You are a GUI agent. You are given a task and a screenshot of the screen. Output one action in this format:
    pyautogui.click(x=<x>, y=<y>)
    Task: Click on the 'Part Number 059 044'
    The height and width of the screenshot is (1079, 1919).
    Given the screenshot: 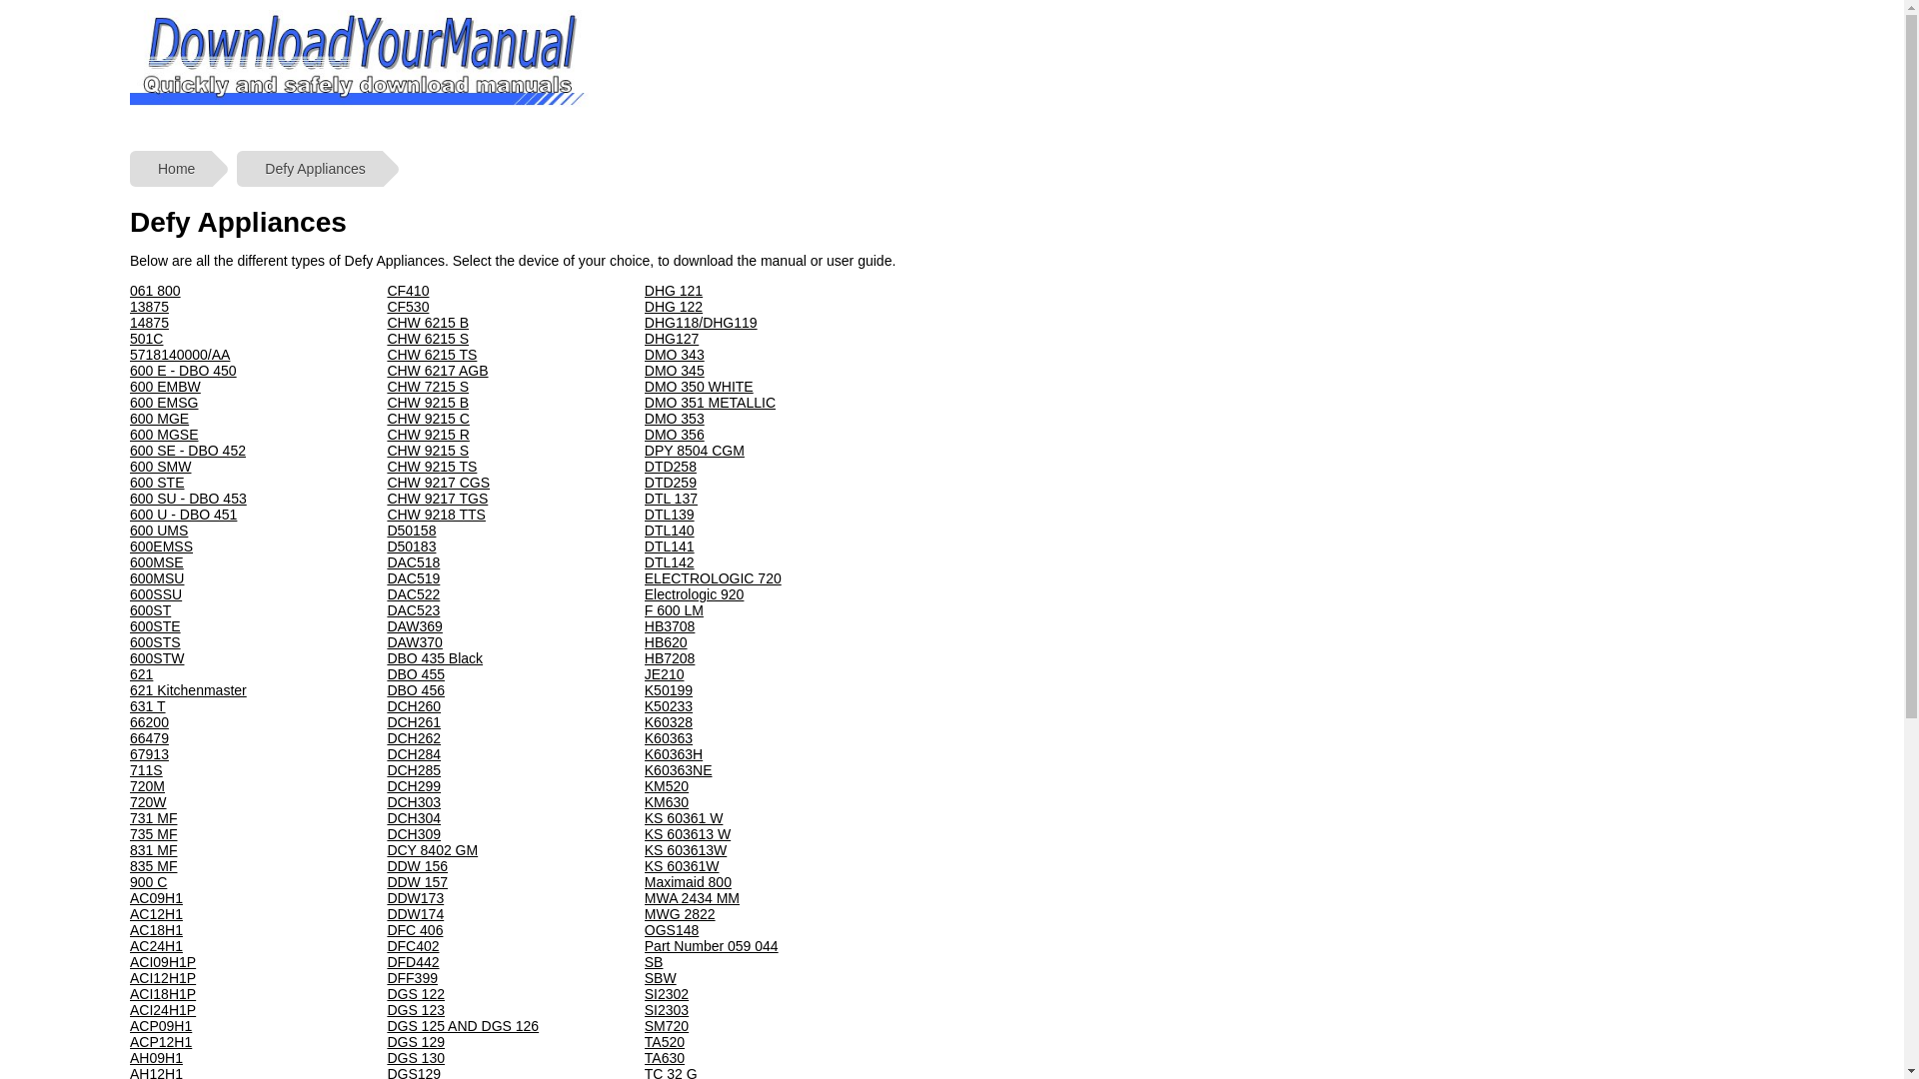 What is the action you would take?
    pyautogui.click(x=711, y=945)
    